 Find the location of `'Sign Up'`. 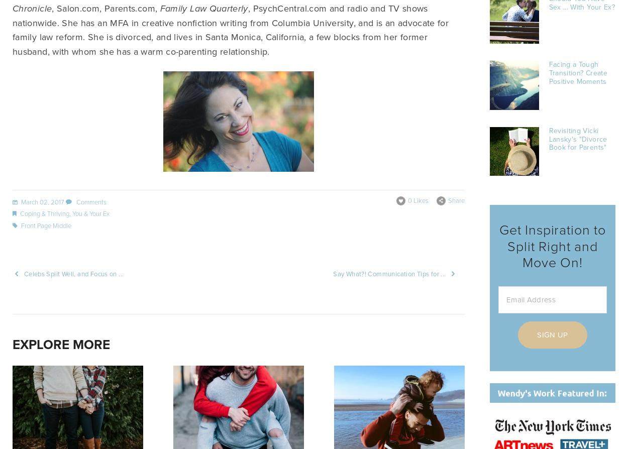

'Sign Up' is located at coordinates (537, 335).